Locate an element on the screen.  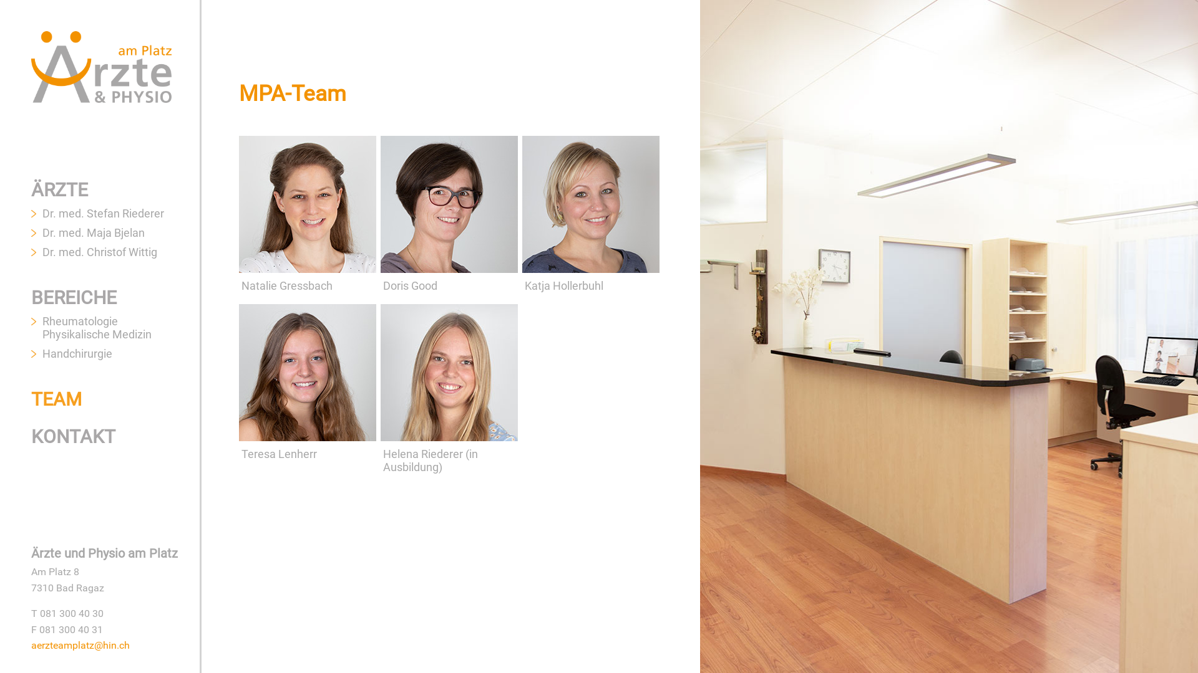
'TEAM' is located at coordinates (56, 399).